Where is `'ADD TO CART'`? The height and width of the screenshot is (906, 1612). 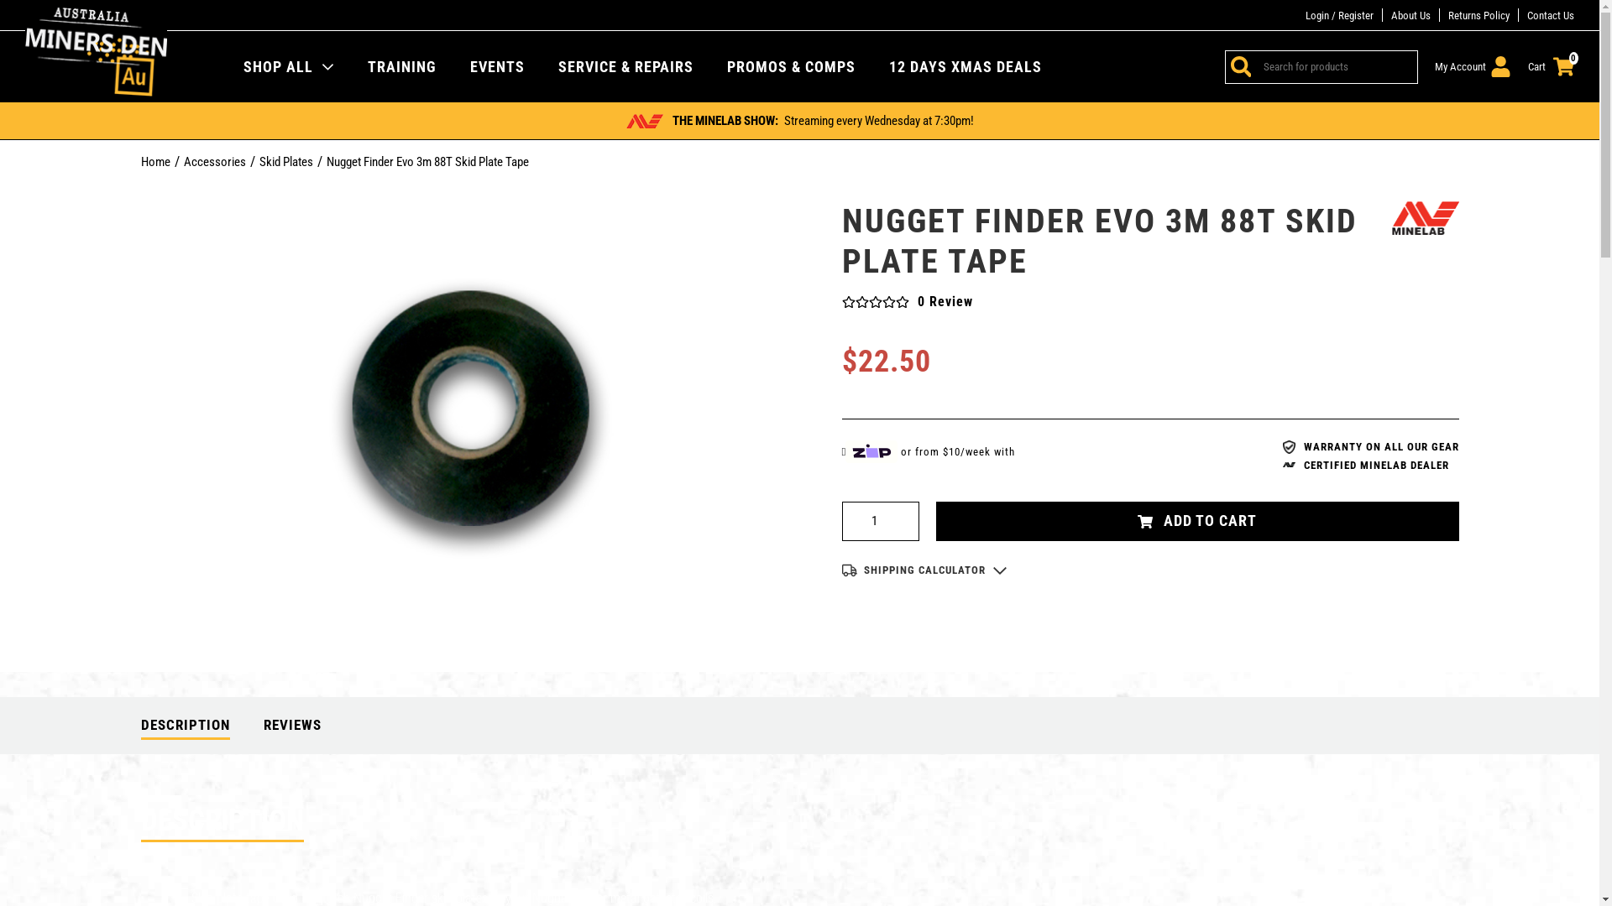 'ADD TO CART' is located at coordinates (1196, 520).